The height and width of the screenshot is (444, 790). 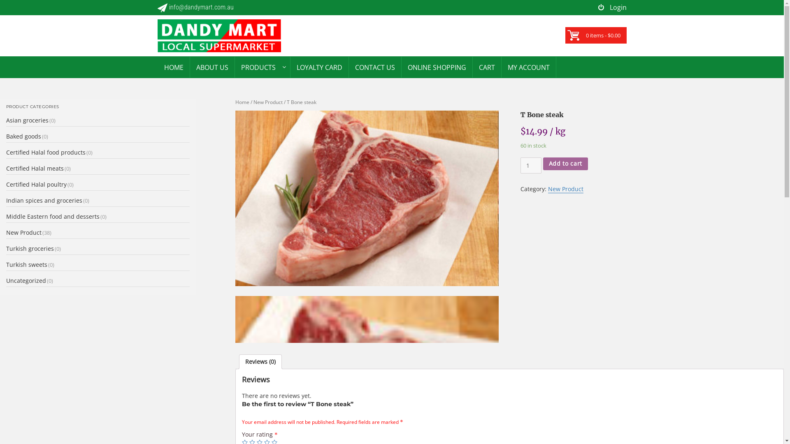 What do you see at coordinates (189, 67) in the screenshot?
I see `'ABOUT US'` at bounding box center [189, 67].